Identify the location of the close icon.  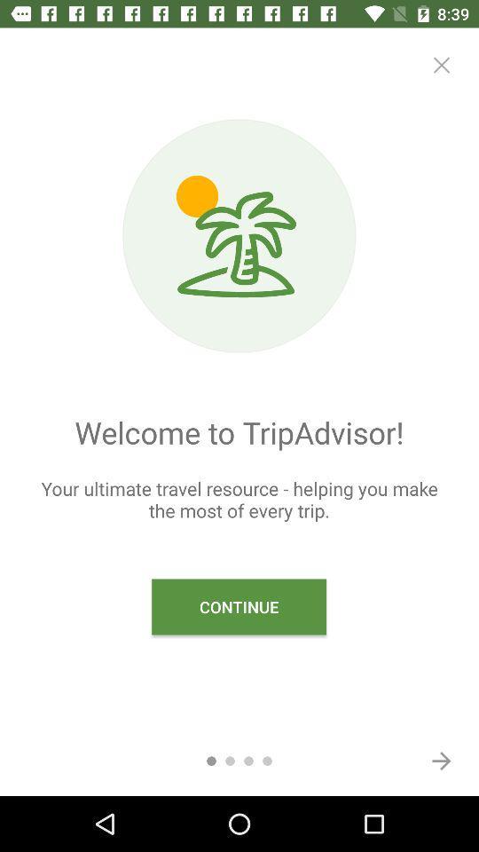
(440, 65).